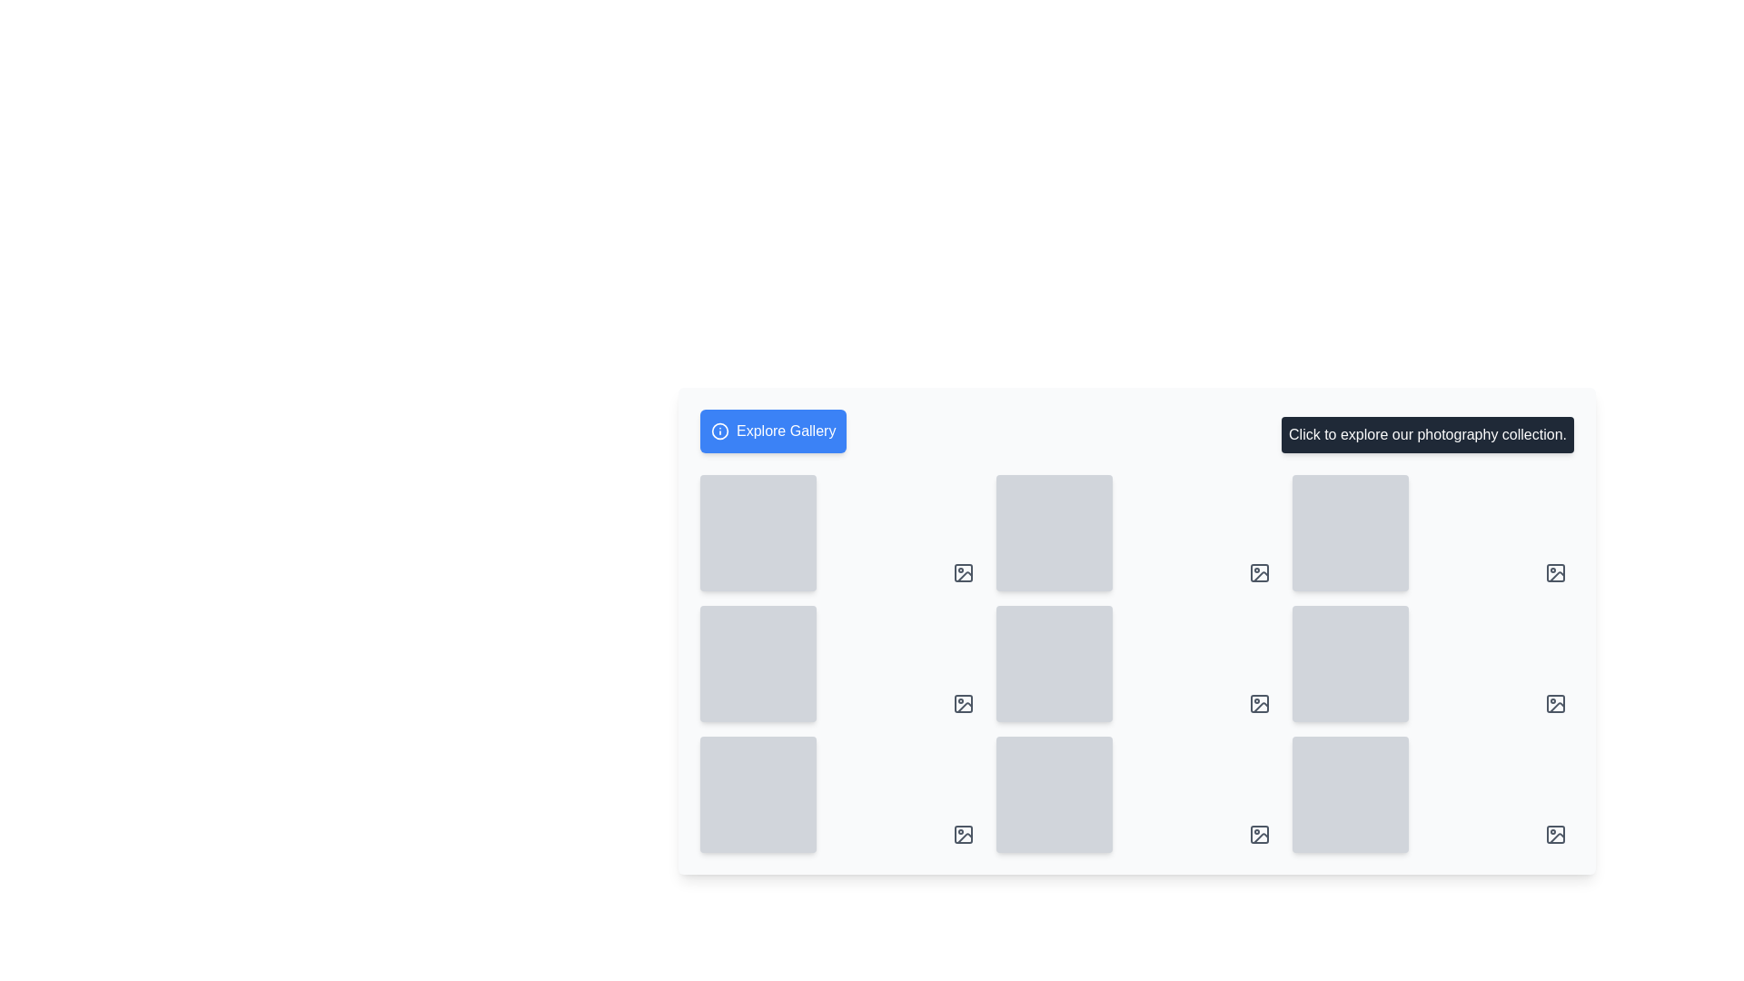 The width and height of the screenshot is (1744, 981). What do you see at coordinates (1259, 834) in the screenshot?
I see `the small gray rounded rectangle icon located in the bottom right corner of the gallery grid interface` at bounding box center [1259, 834].